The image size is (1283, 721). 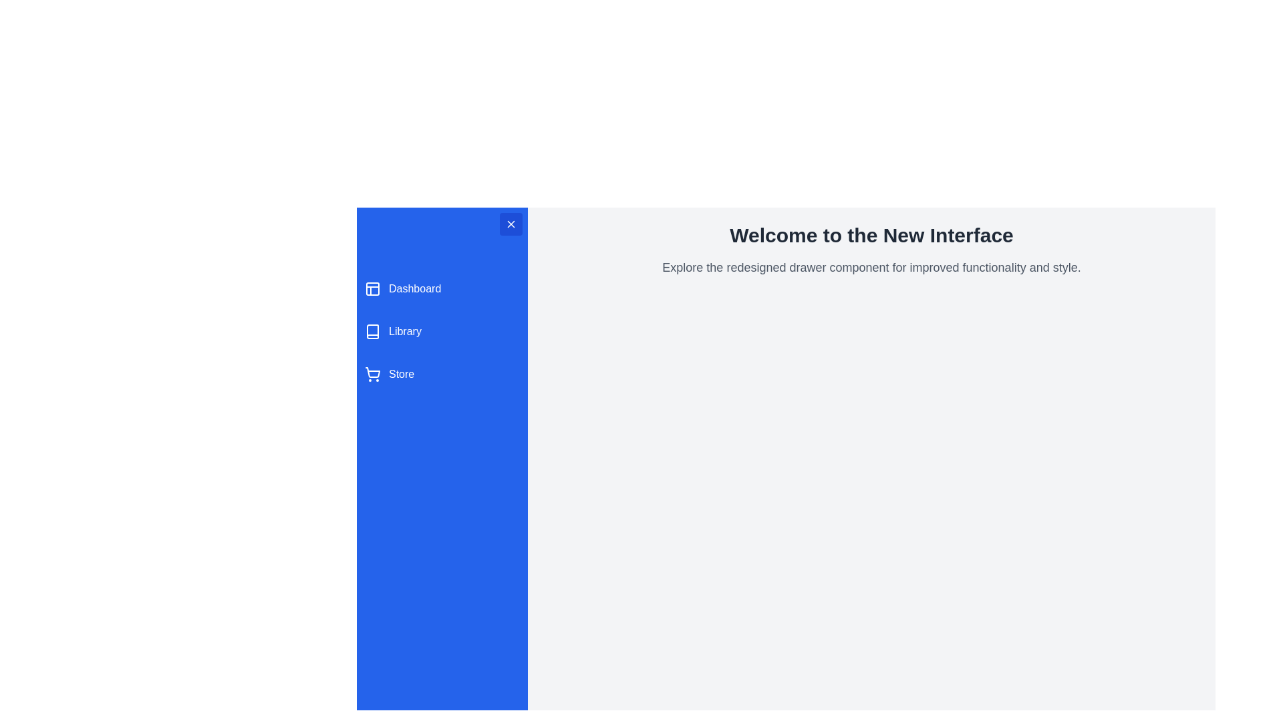 I want to click on the central portion of the 'X' icon in the top-right corner of the blue sidebar, so click(x=510, y=223).